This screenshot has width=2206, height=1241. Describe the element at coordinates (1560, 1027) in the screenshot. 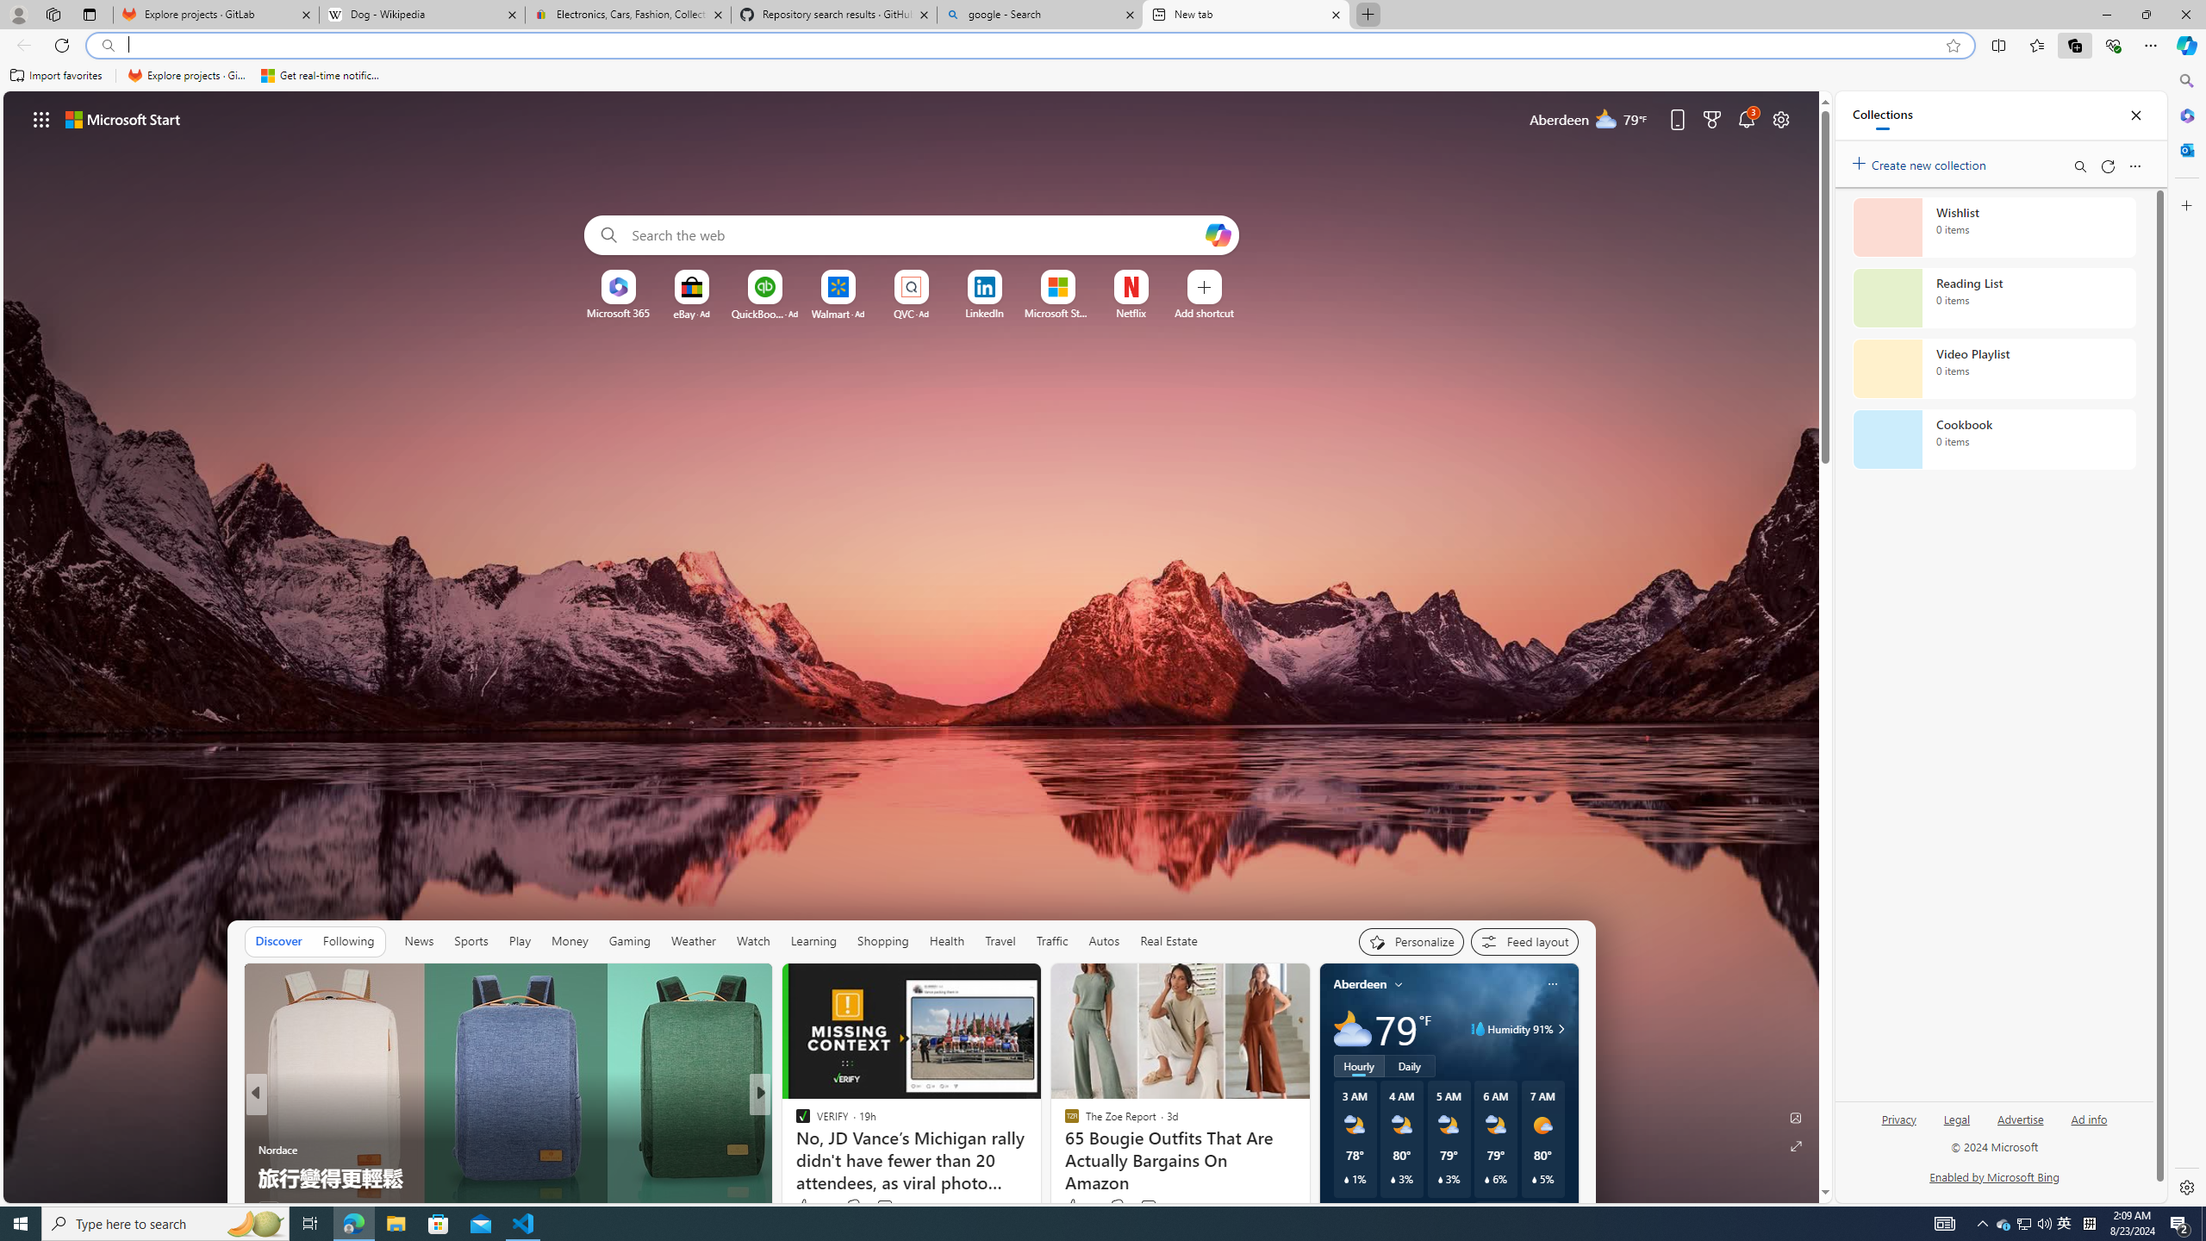

I see `'Class: weather-arrow-glyph'` at that location.